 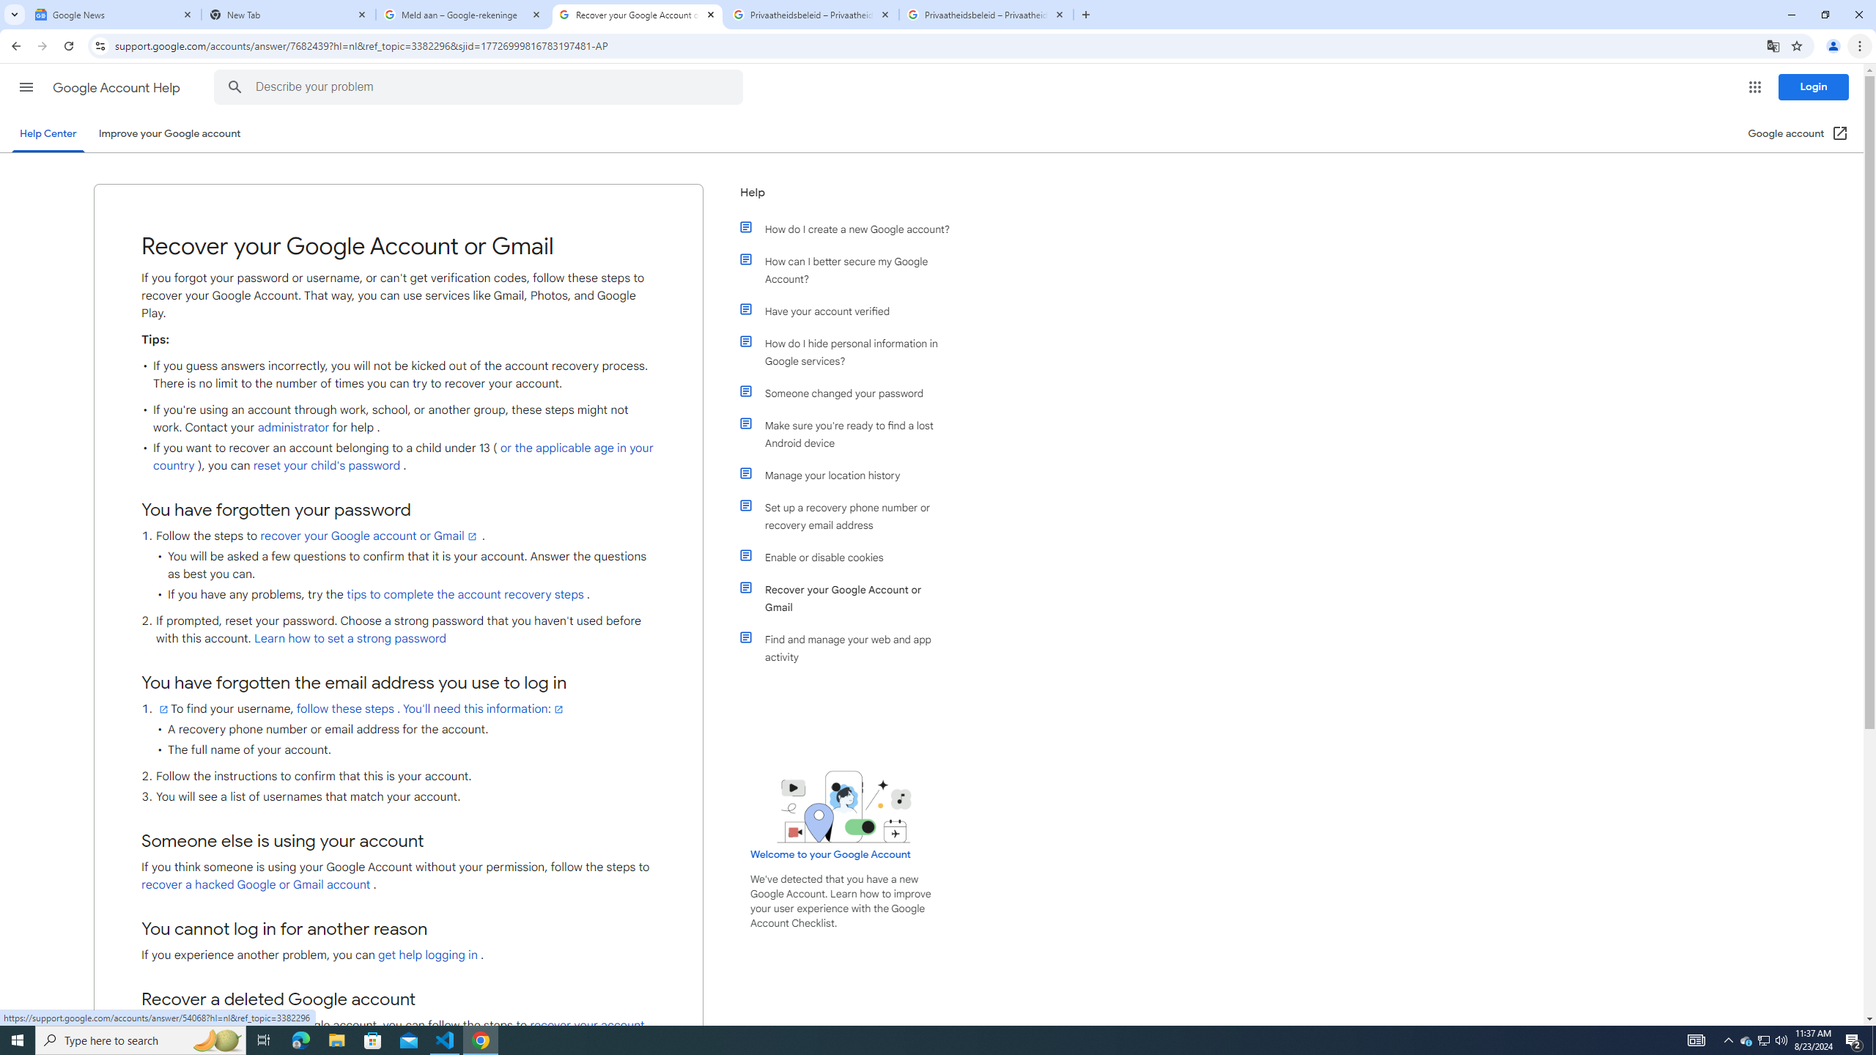 I want to click on 'tips to complete the account recovery steps', so click(x=464, y=594).